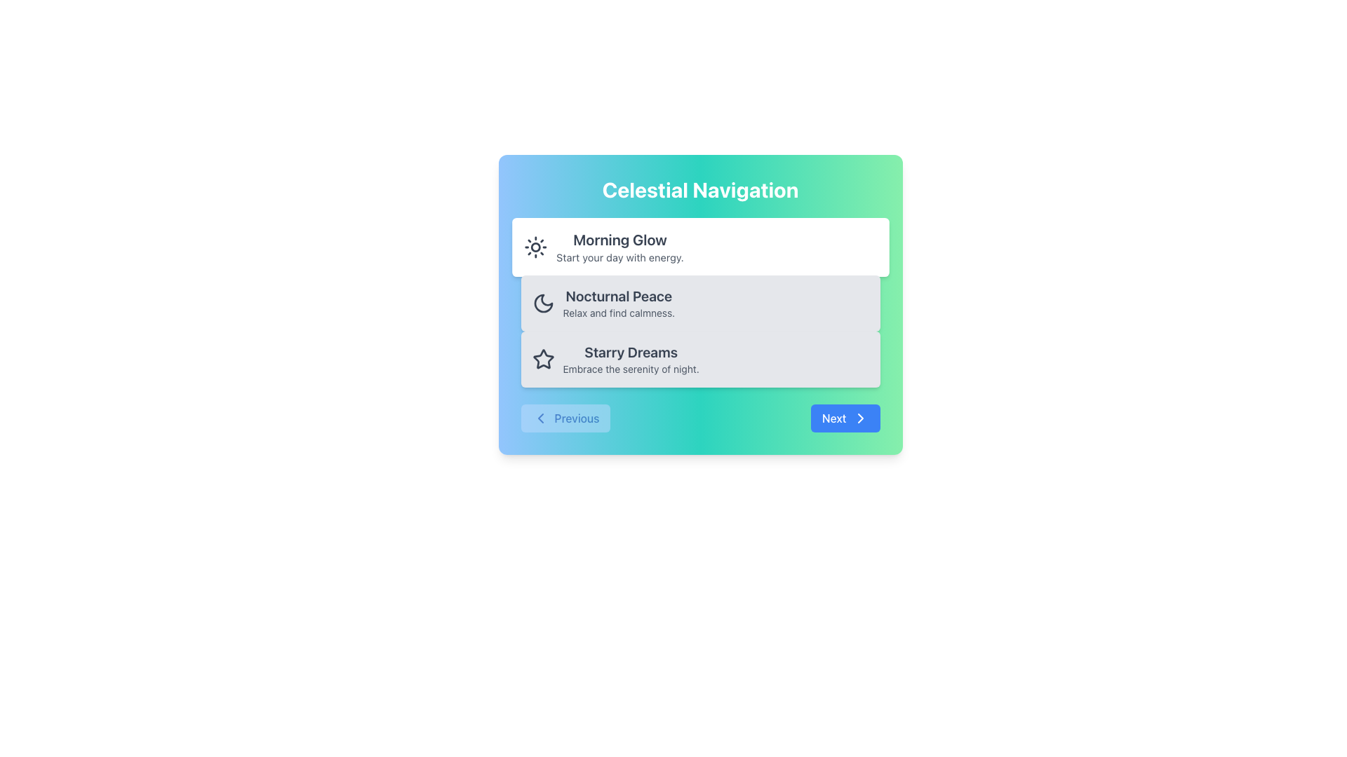 Image resolution: width=1347 pixels, height=757 pixels. Describe the element at coordinates (535, 247) in the screenshot. I see `the inner circle of the sun icon representing 'Morning Glow' in the vertical list of options` at that location.